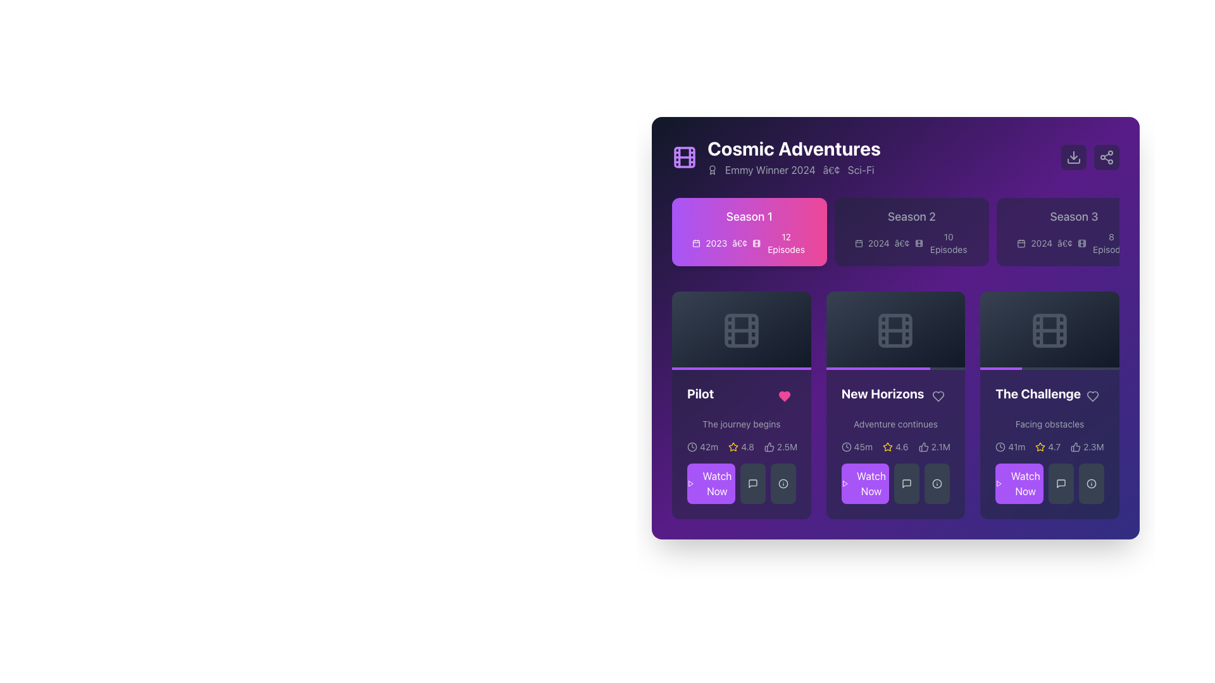 The image size is (1215, 683). Describe the element at coordinates (895, 446) in the screenshot. I see `textual description of the rating indicator located below the main title and description in the 'New Horizons' card` at that location.